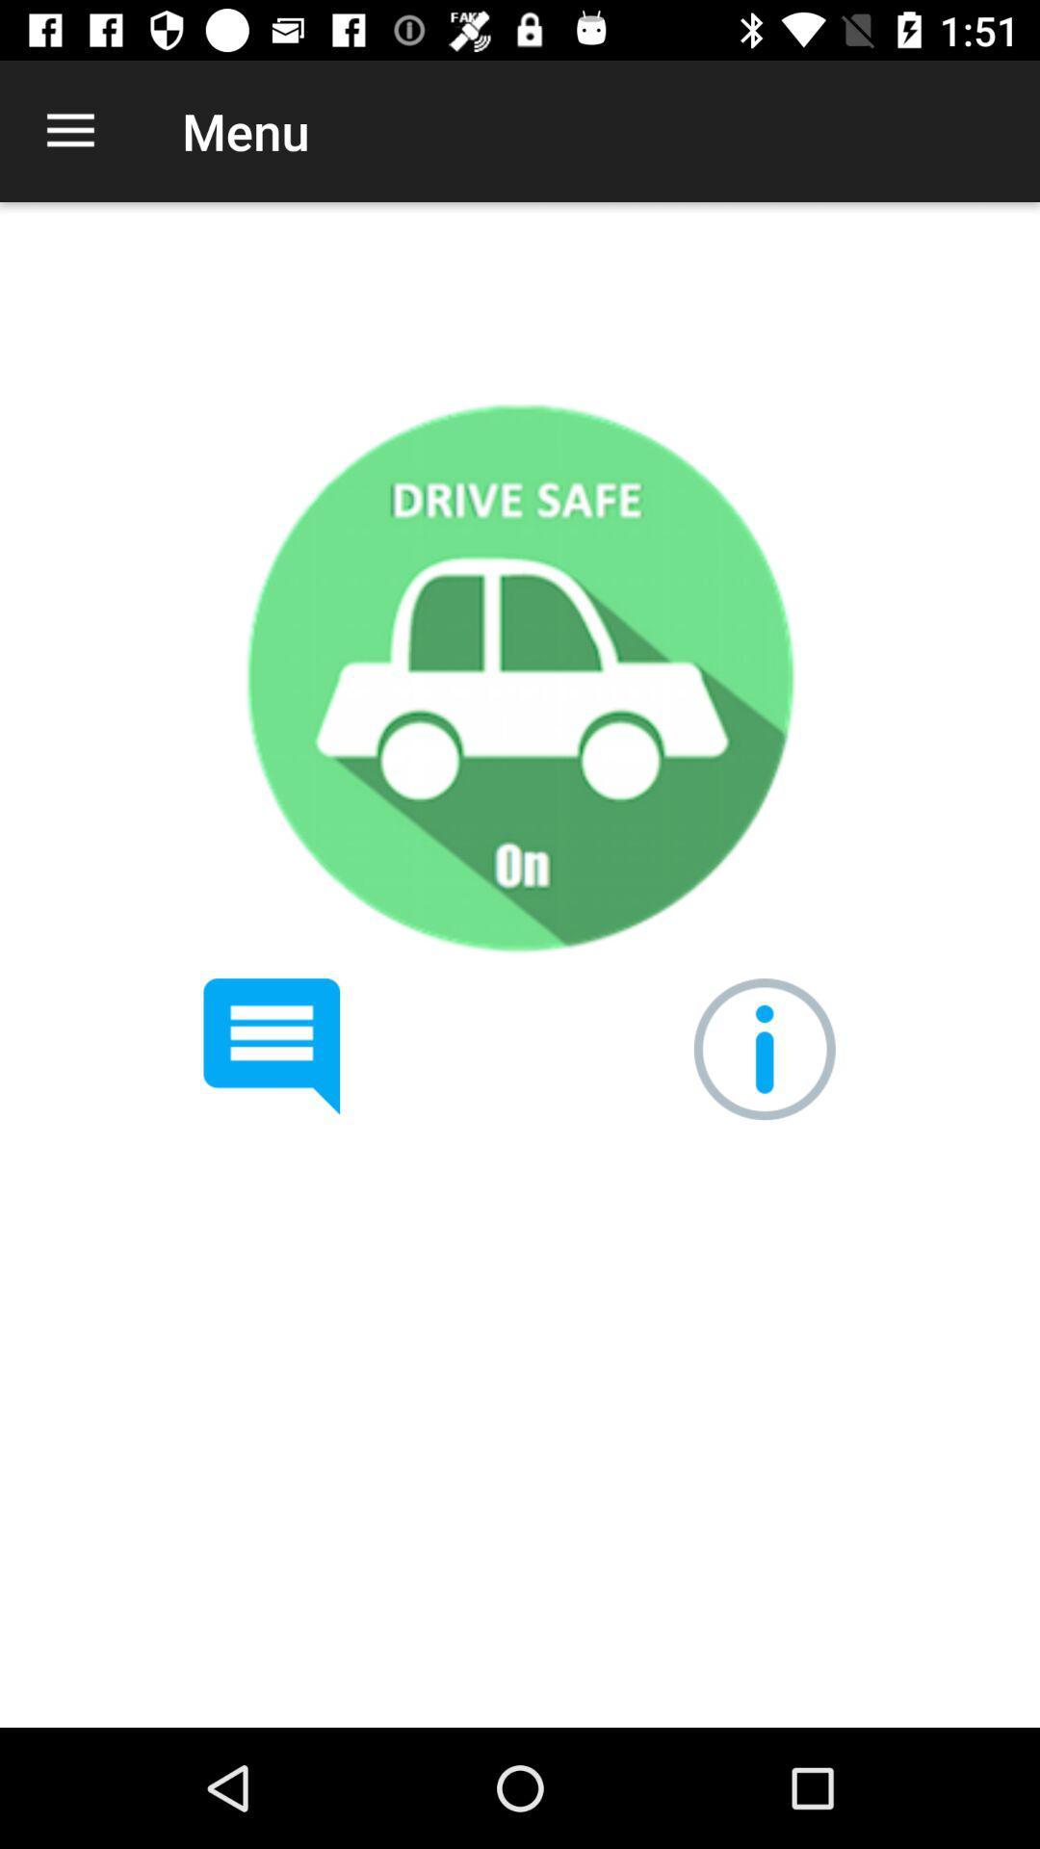  What do you see at coordinates (69, 130) in the screenshot?
I see `the icon next to the menu item` at bounding box center [69, 130].